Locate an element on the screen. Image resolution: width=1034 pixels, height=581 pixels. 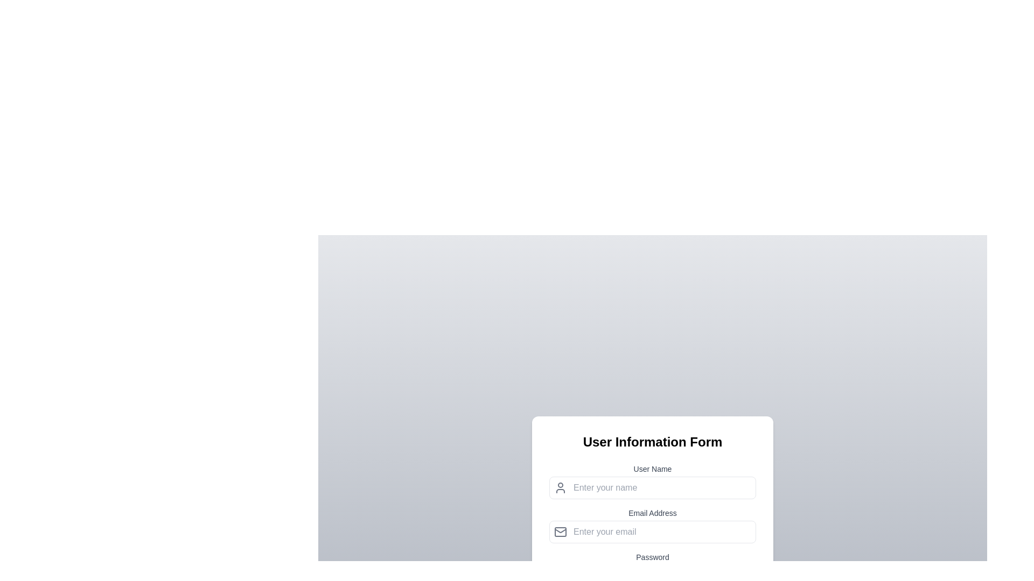
the user profile icon, which is a gray circular icon with a head and shoulders design, located to the left of the 'User Name' text input field is located at coordinates (560, 487).